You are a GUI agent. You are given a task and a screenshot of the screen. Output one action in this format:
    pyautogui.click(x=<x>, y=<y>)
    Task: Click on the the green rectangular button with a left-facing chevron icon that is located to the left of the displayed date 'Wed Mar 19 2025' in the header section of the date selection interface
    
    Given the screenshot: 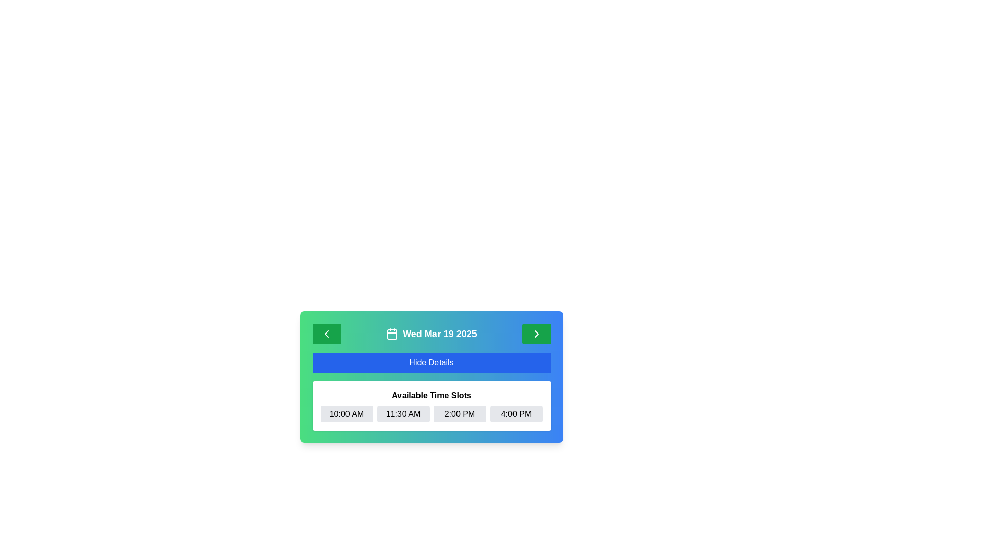 What is the action you would take?
    pyautogui.click(x=326, y=334)
    